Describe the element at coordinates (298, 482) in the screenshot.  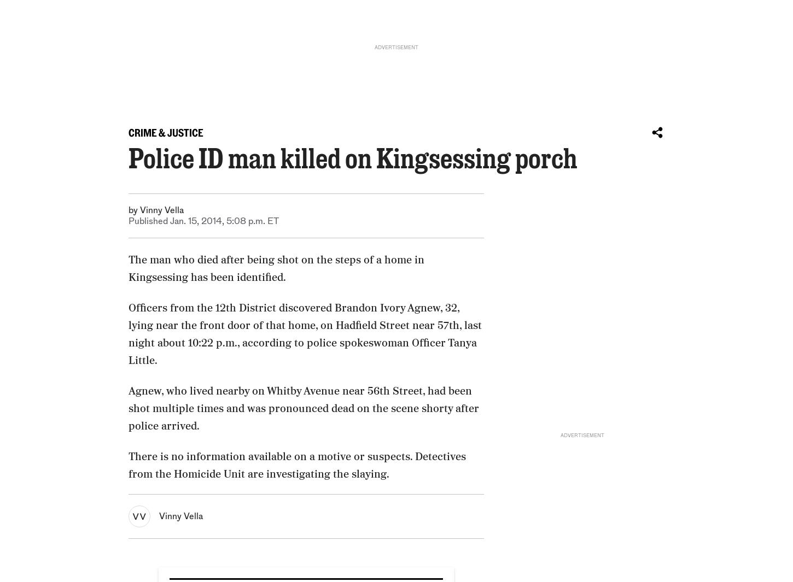
I see `'Philly police commissioner: There was little chance to save Joseph Wamah Jr.’s life'` at that location.